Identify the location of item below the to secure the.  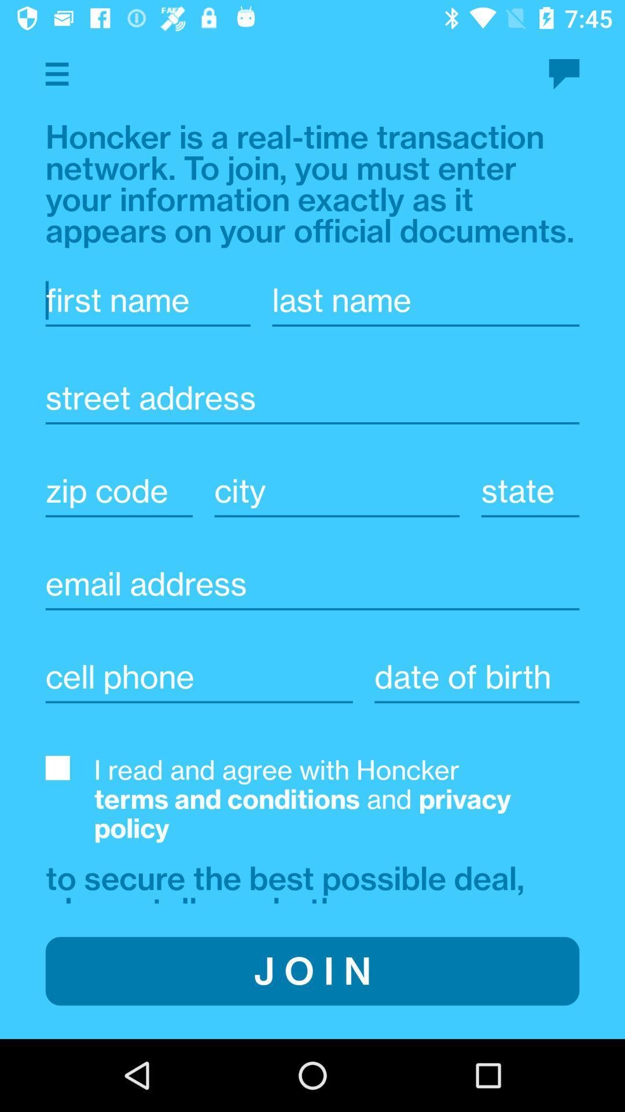
(312, 971).